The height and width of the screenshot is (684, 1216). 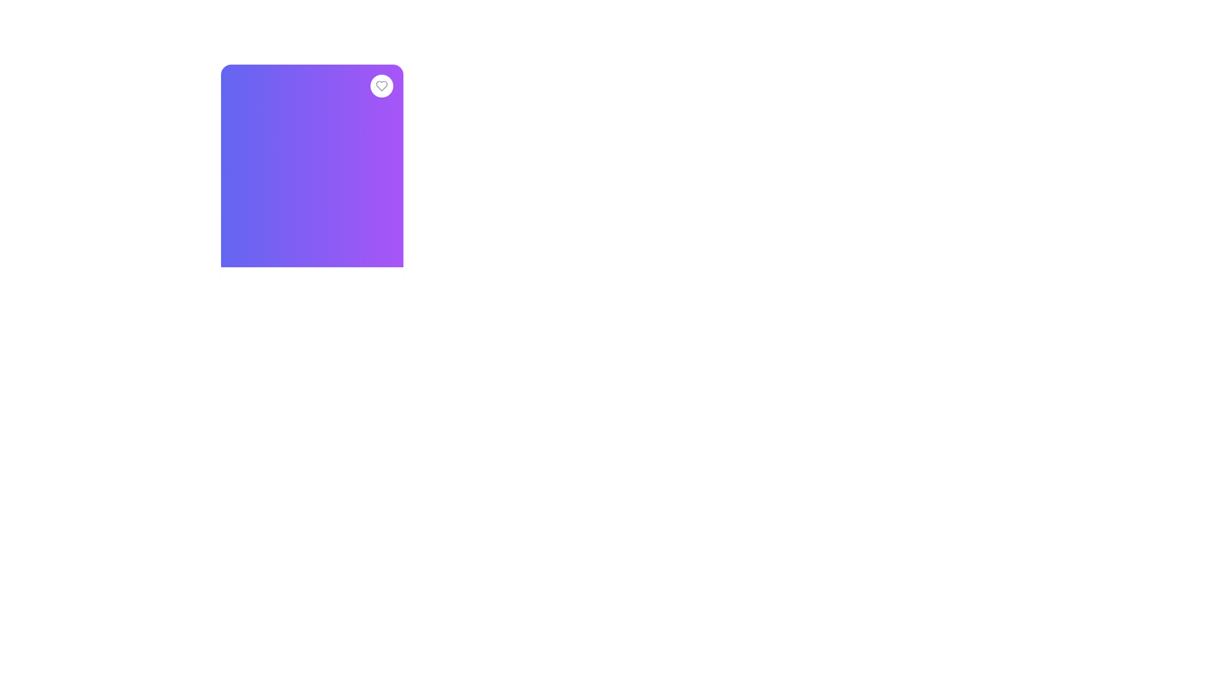 I want to click on the composite component with a gradient background and a circular button in the upper-right corner, so click(x=312, y=153).